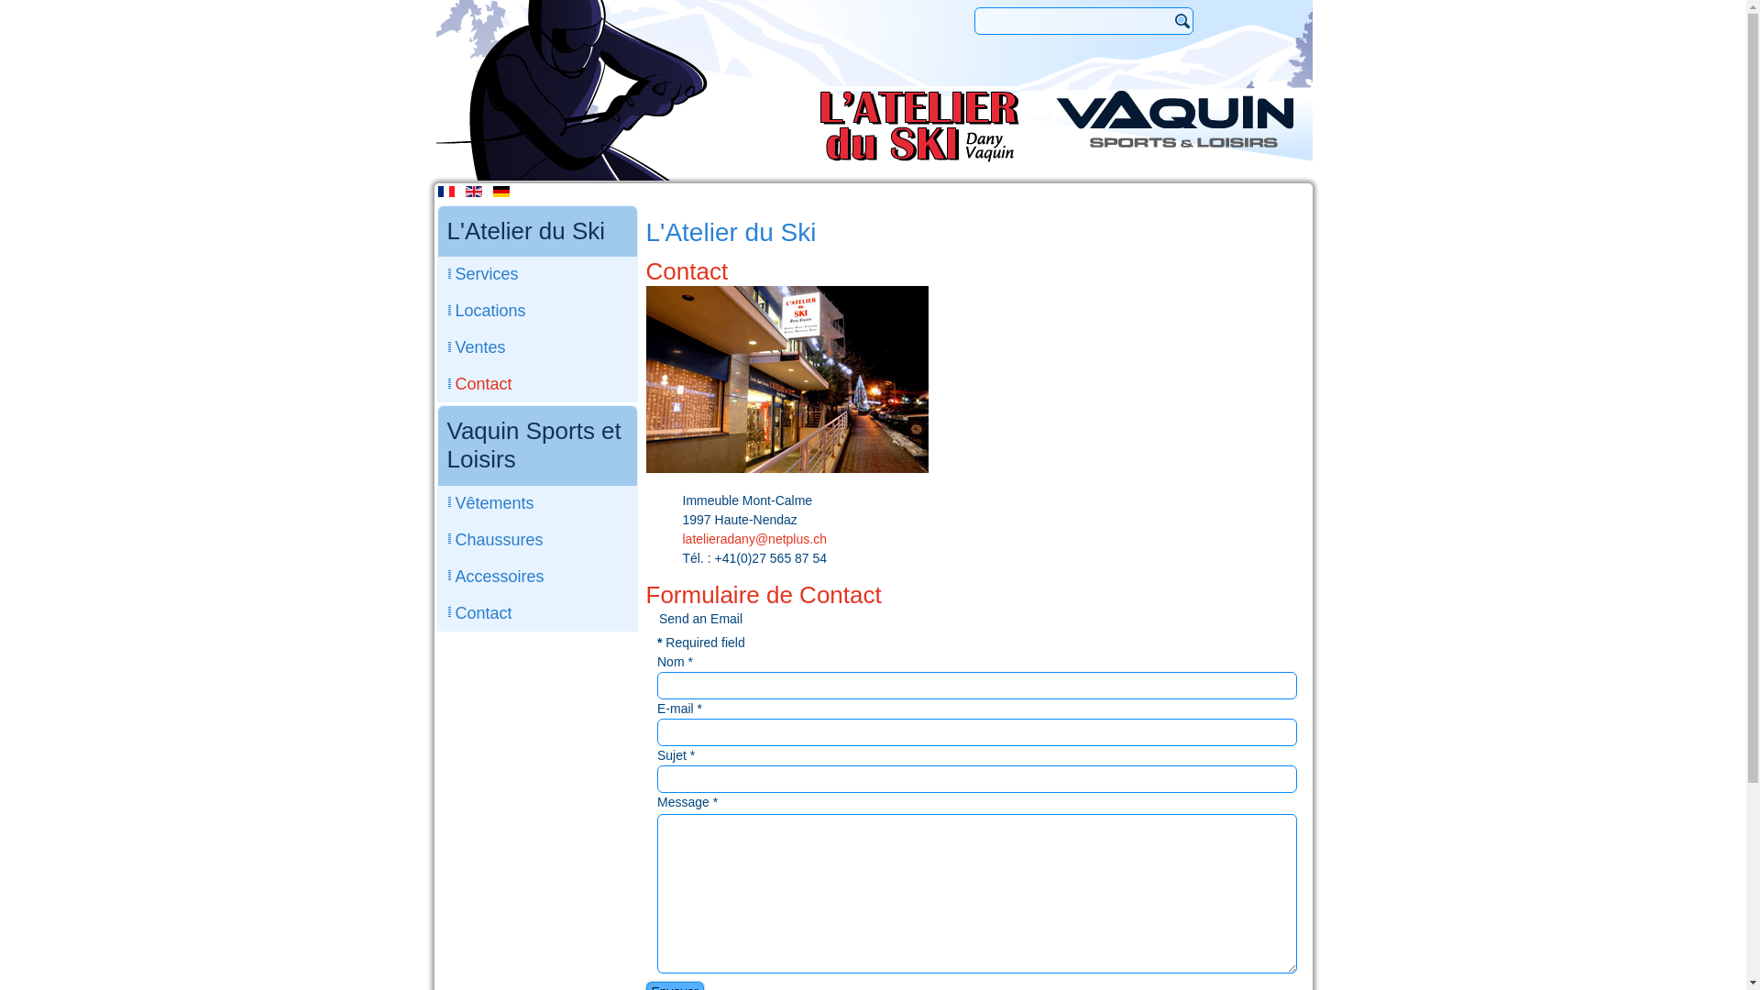  What do you see at coordinates (535, 310) in the screenshot?
I see `'Locations'` at bounding box center [535, 310].